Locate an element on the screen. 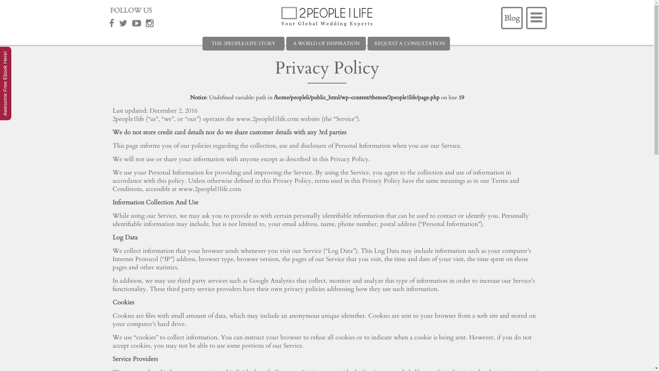  'THE 2PEOPLE1LIFE STORY' is located at coordinates (244, 44).